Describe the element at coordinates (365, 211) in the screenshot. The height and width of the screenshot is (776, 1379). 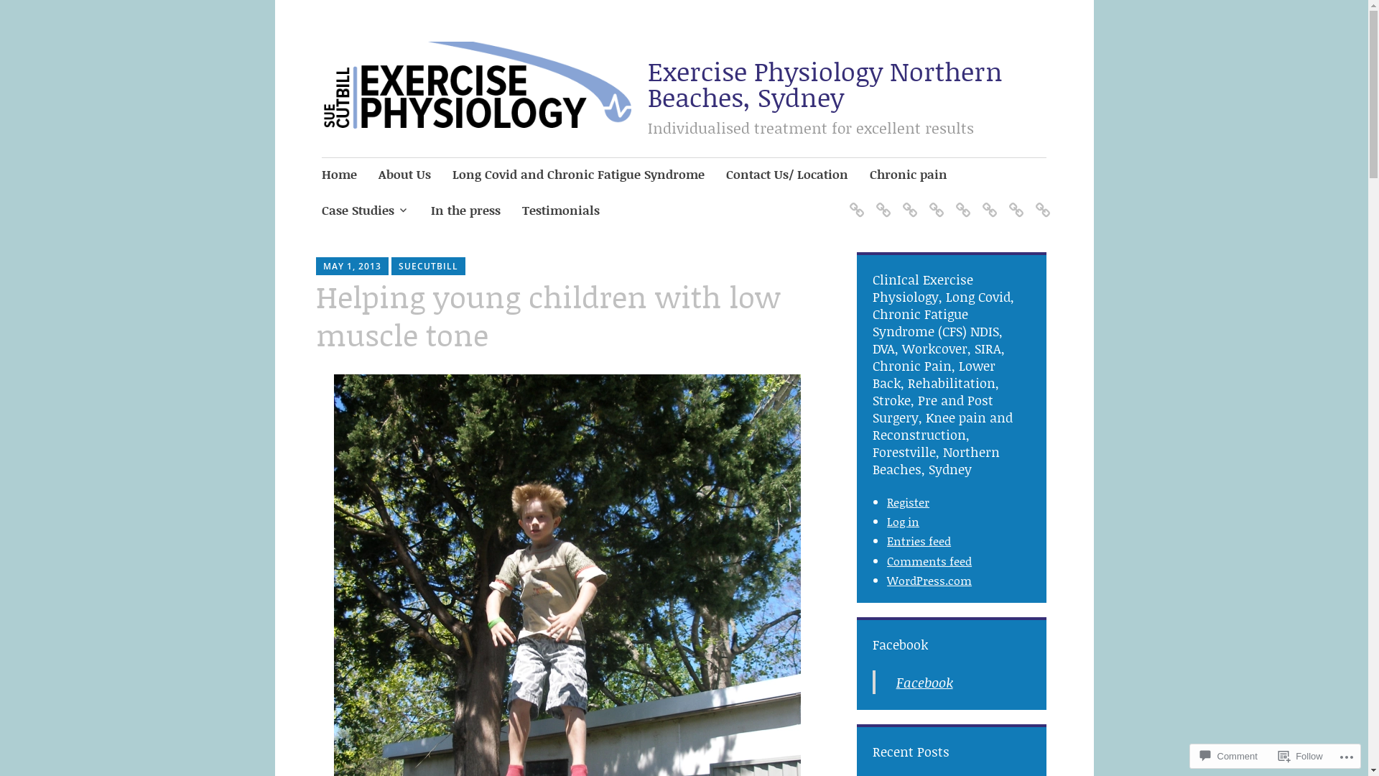
I see `'Case Studies'` at that location.